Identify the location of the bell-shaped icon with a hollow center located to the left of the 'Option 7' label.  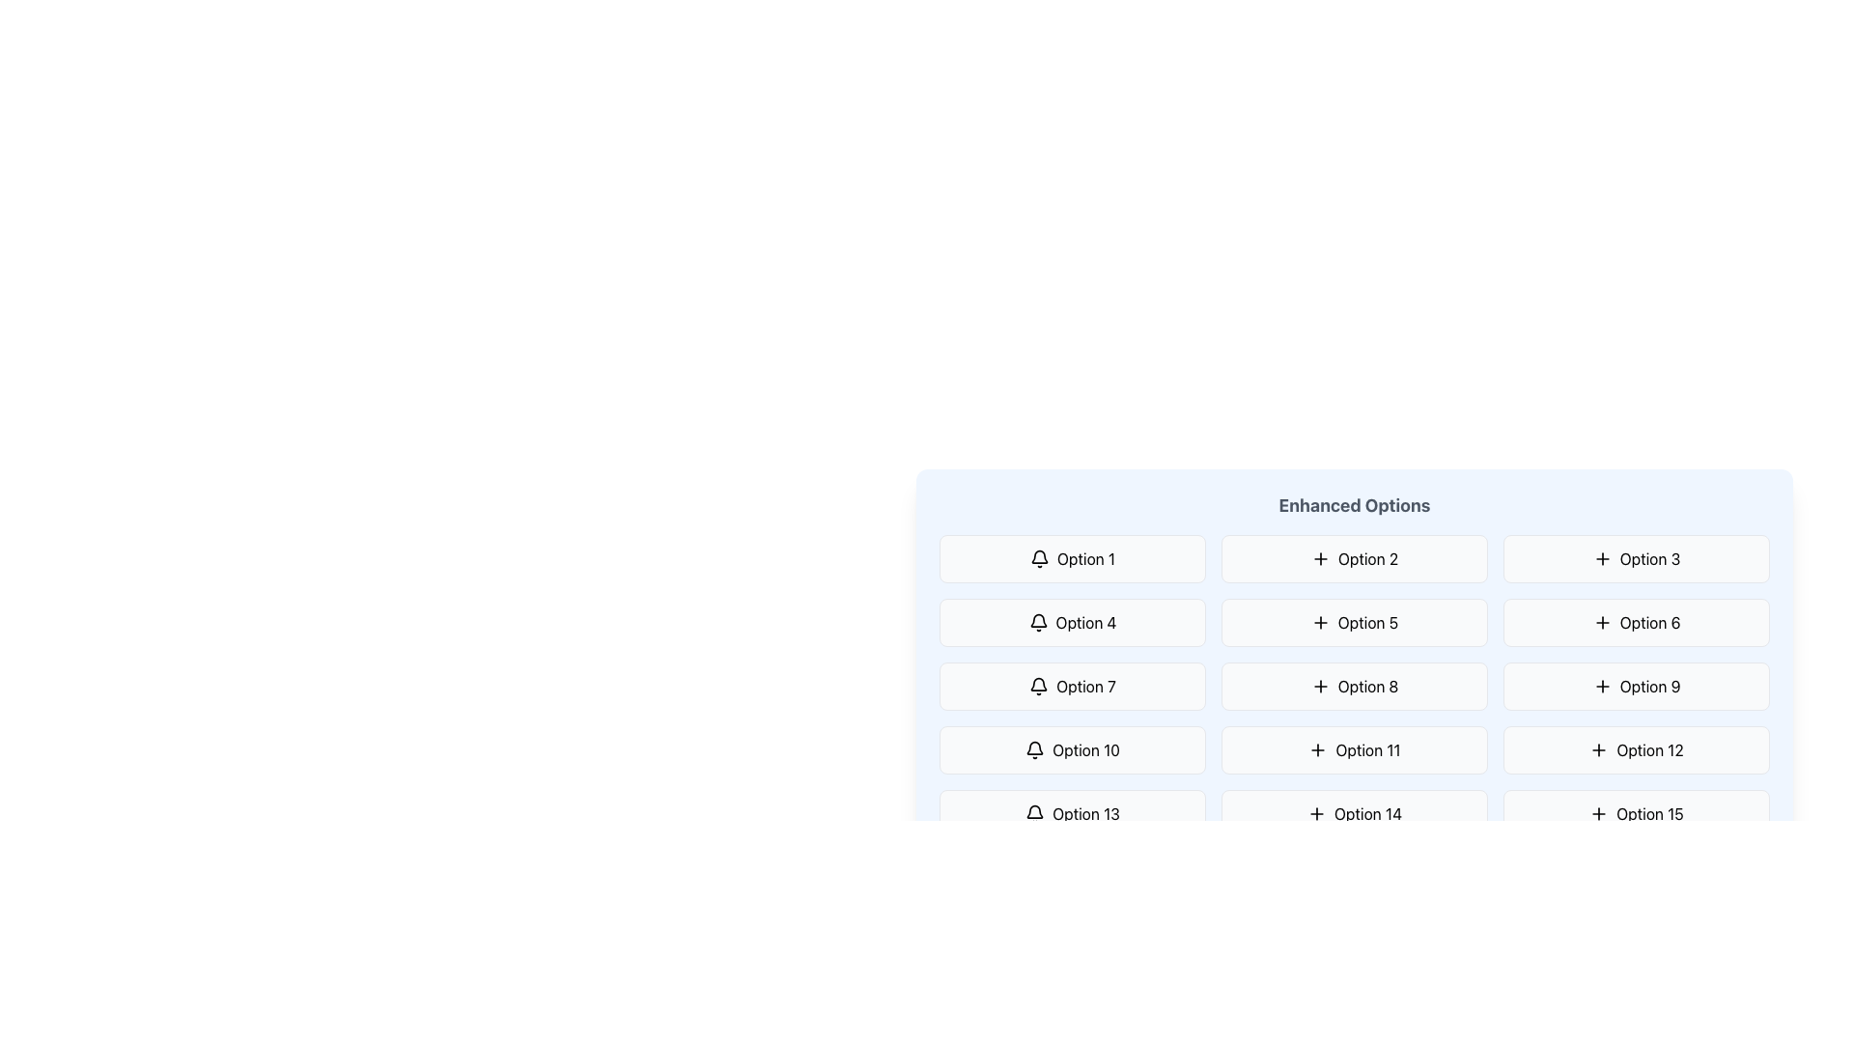
(1038, 683).